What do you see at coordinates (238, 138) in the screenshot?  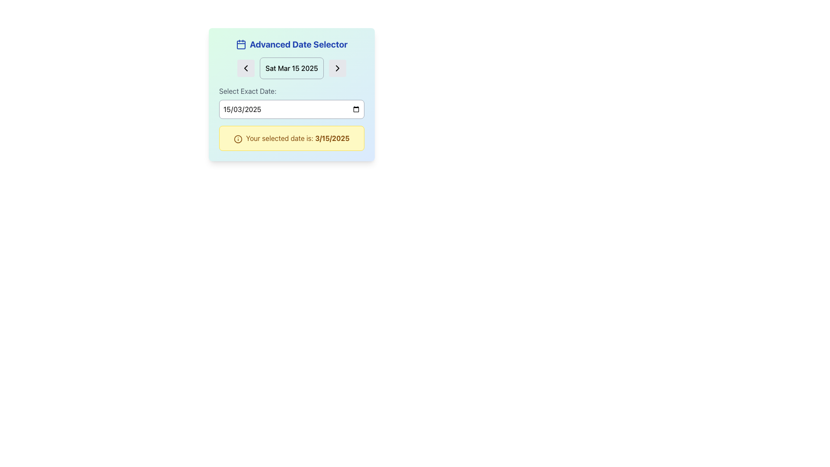 I see `the circular icon with a yellowish background and an outline, located in the leftmost section of the yellow notification box, preceding the textual message about the date` at bounding box center [238, 138].